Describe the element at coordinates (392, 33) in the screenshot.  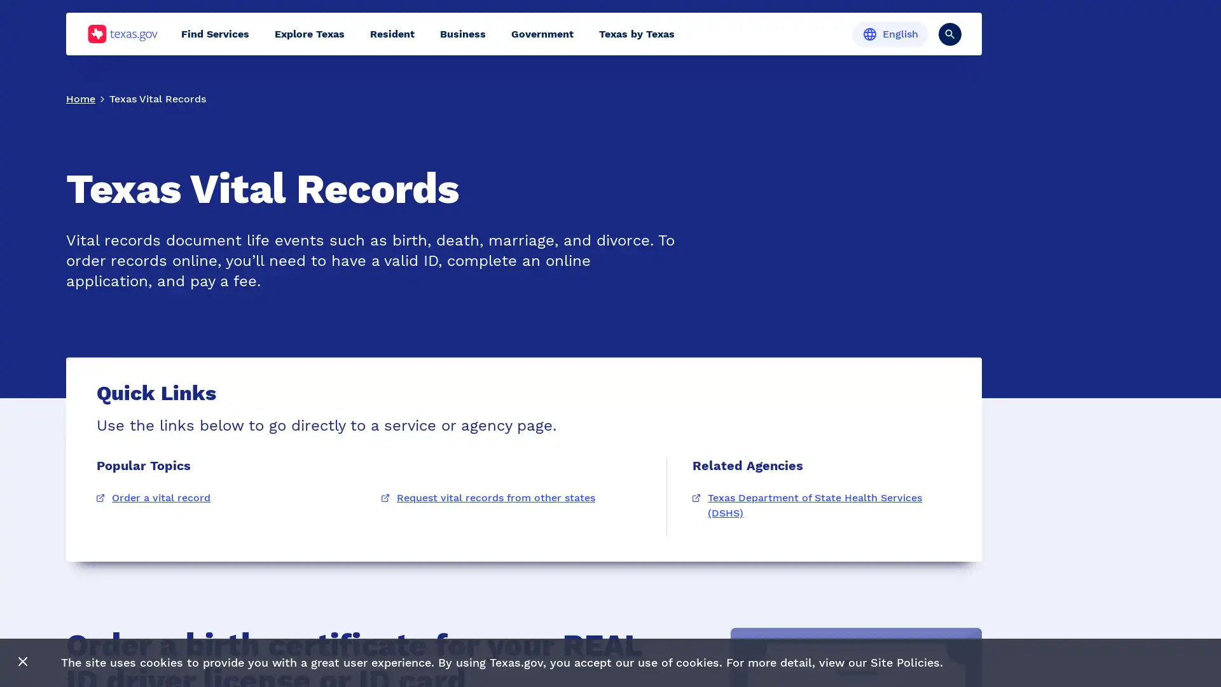
I see `Resident` at that location.